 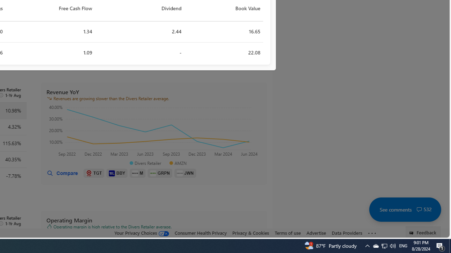 What do you see at coordinates (288, 233) in the screenshot?
I see `'Terms of use'` at bounding box center [288, 233].